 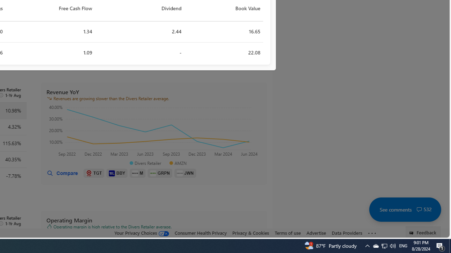 What do you see at coordinates (288, 233) in the screenshot?
I see `'Terms of use'` at bounding box center [288, 233].